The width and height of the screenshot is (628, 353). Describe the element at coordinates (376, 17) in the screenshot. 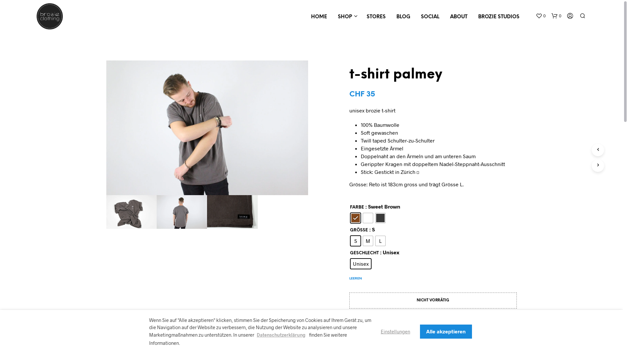

I see `'STORES'` at that location.